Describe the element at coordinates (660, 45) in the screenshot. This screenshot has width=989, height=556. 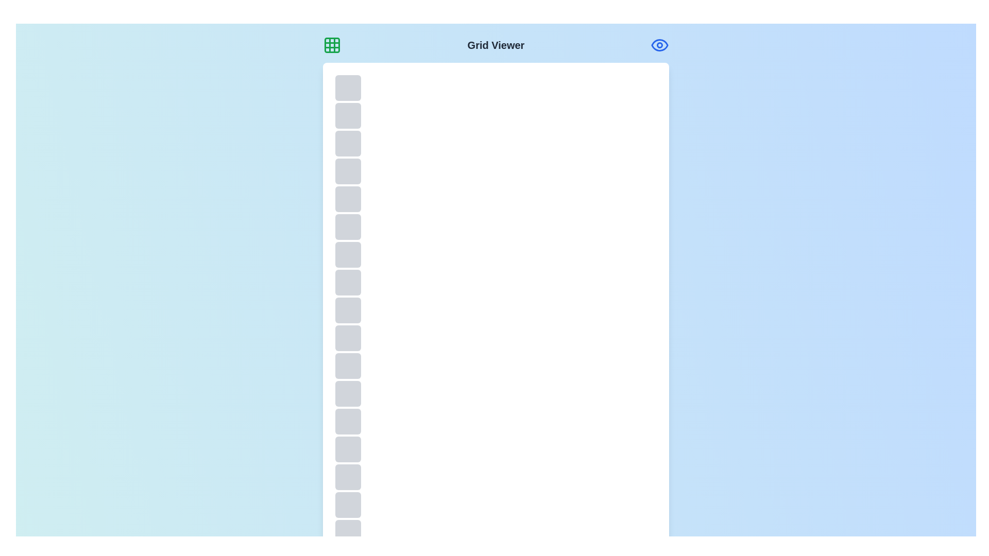
I see `the Eye icon` at that location.